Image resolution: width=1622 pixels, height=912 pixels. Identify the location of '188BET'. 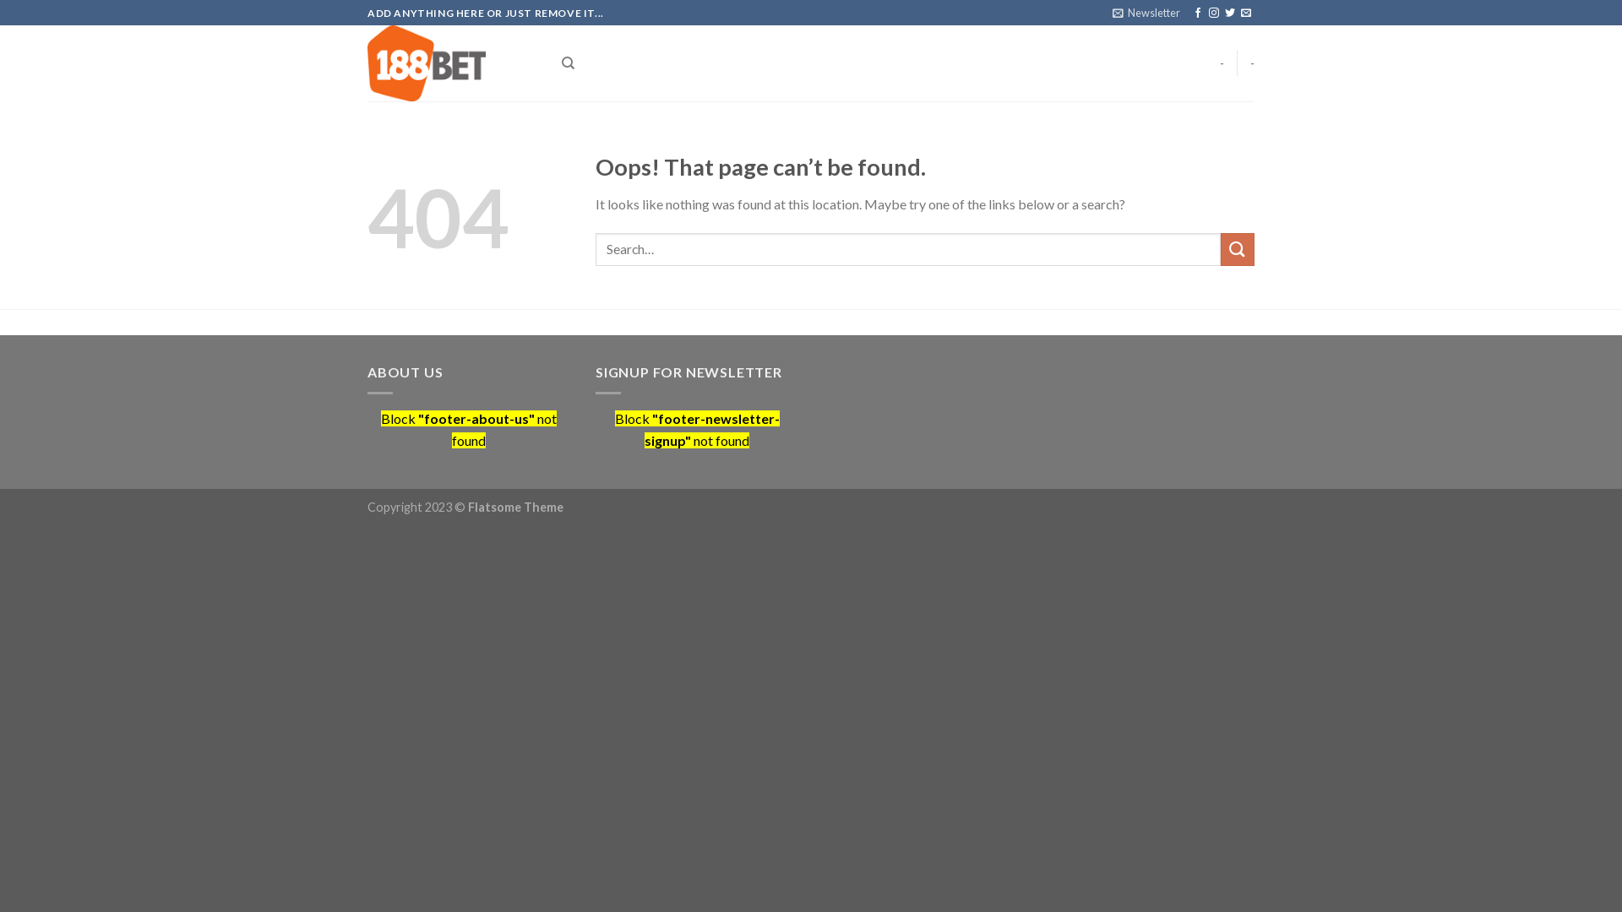
(367, 62).